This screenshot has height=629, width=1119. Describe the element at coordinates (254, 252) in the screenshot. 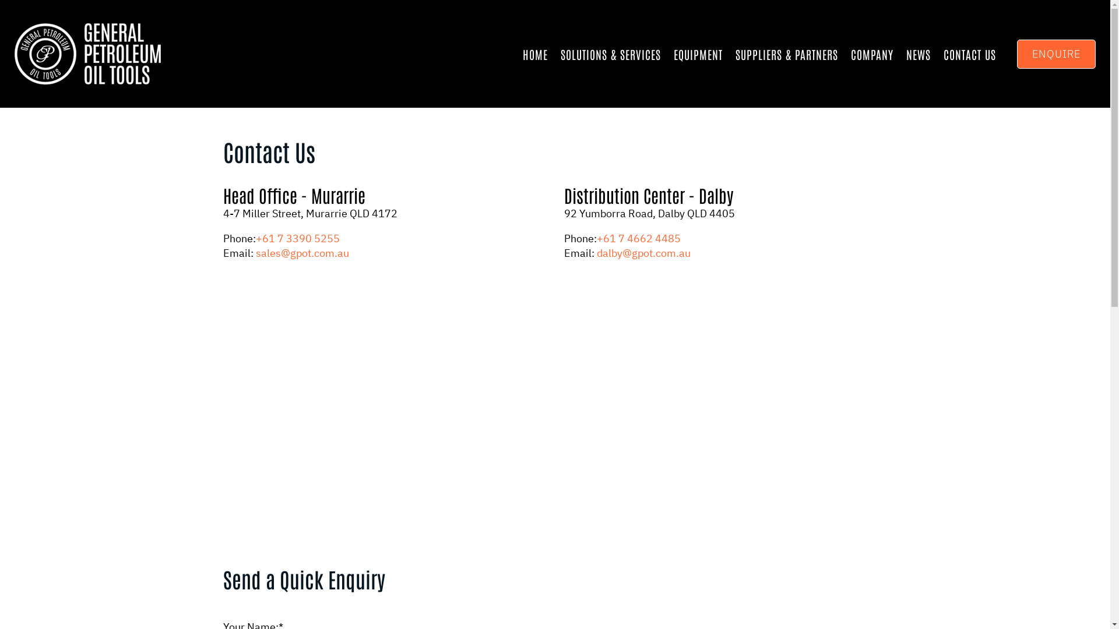

I see `'sales@gpot.com.au'` at that location.